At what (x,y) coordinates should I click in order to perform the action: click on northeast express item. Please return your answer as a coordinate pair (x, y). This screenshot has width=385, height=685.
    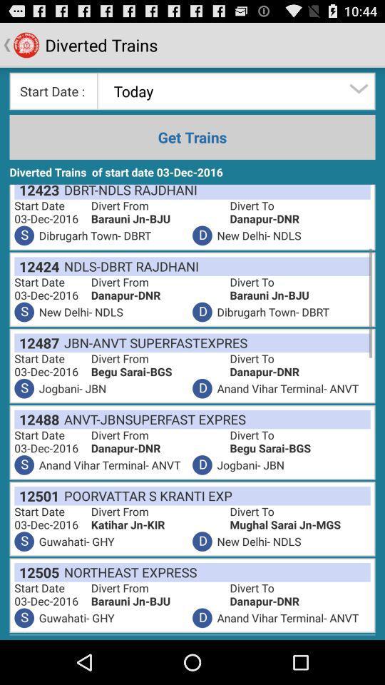
    Looking at the image, I should click on (128, 572).